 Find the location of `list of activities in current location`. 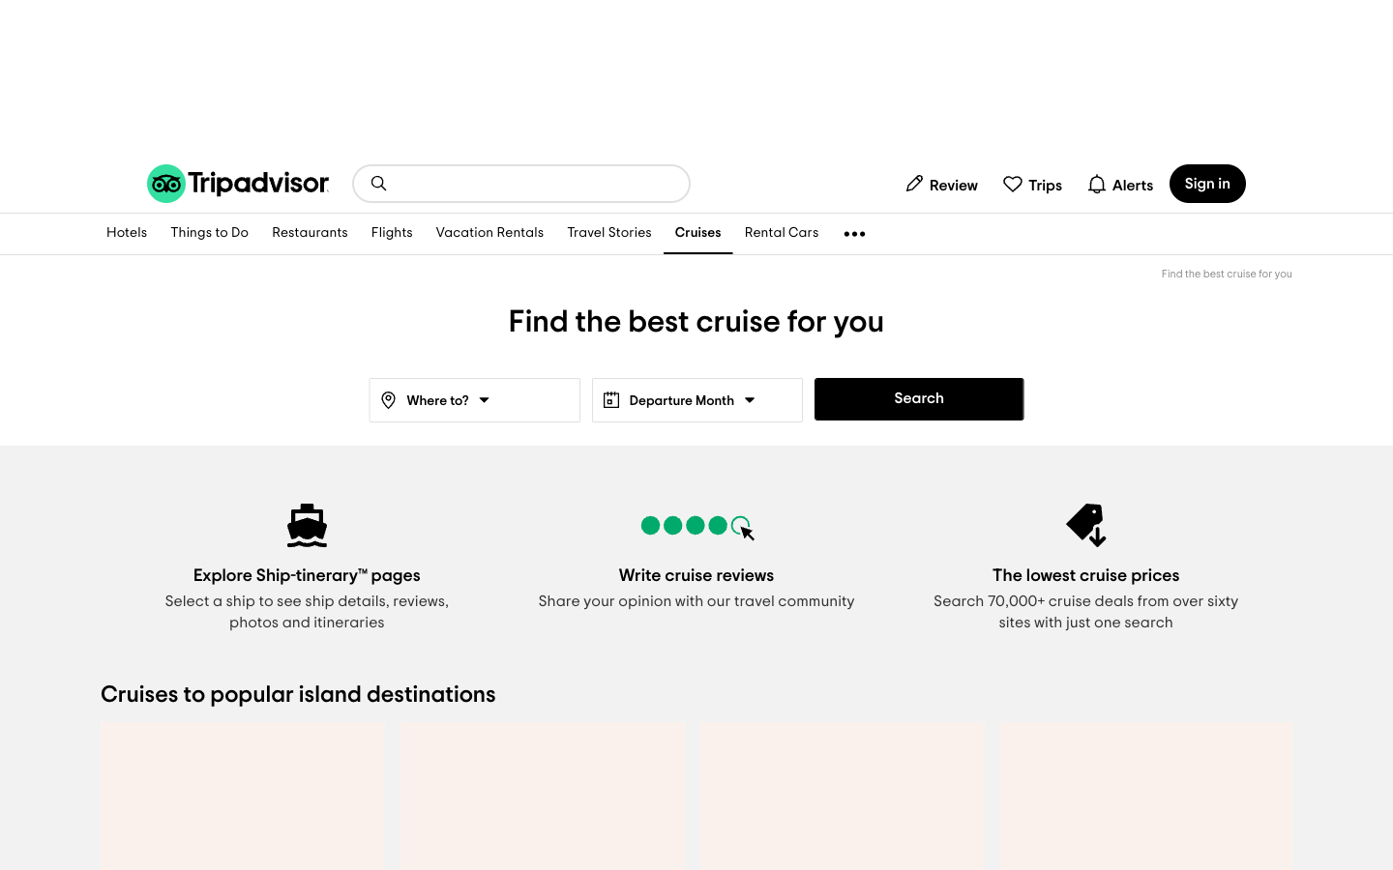

list of activities in current location is located at coordinates (209, 233).